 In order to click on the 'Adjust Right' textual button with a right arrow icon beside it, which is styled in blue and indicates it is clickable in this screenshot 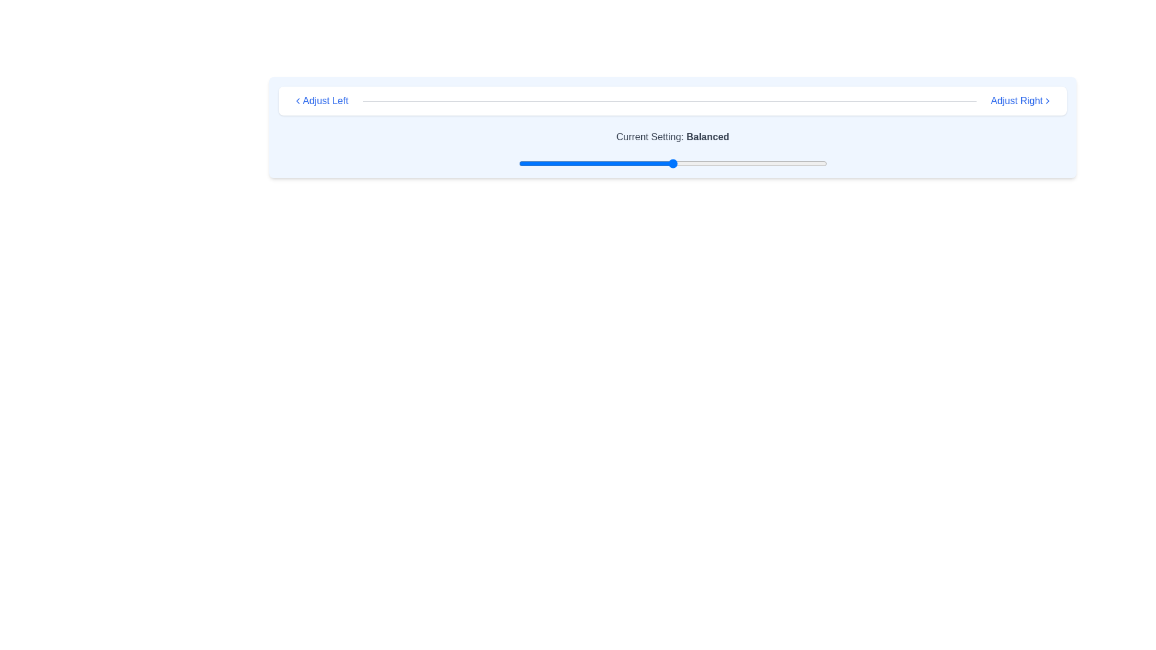, I will do `click(1021, 101)`.